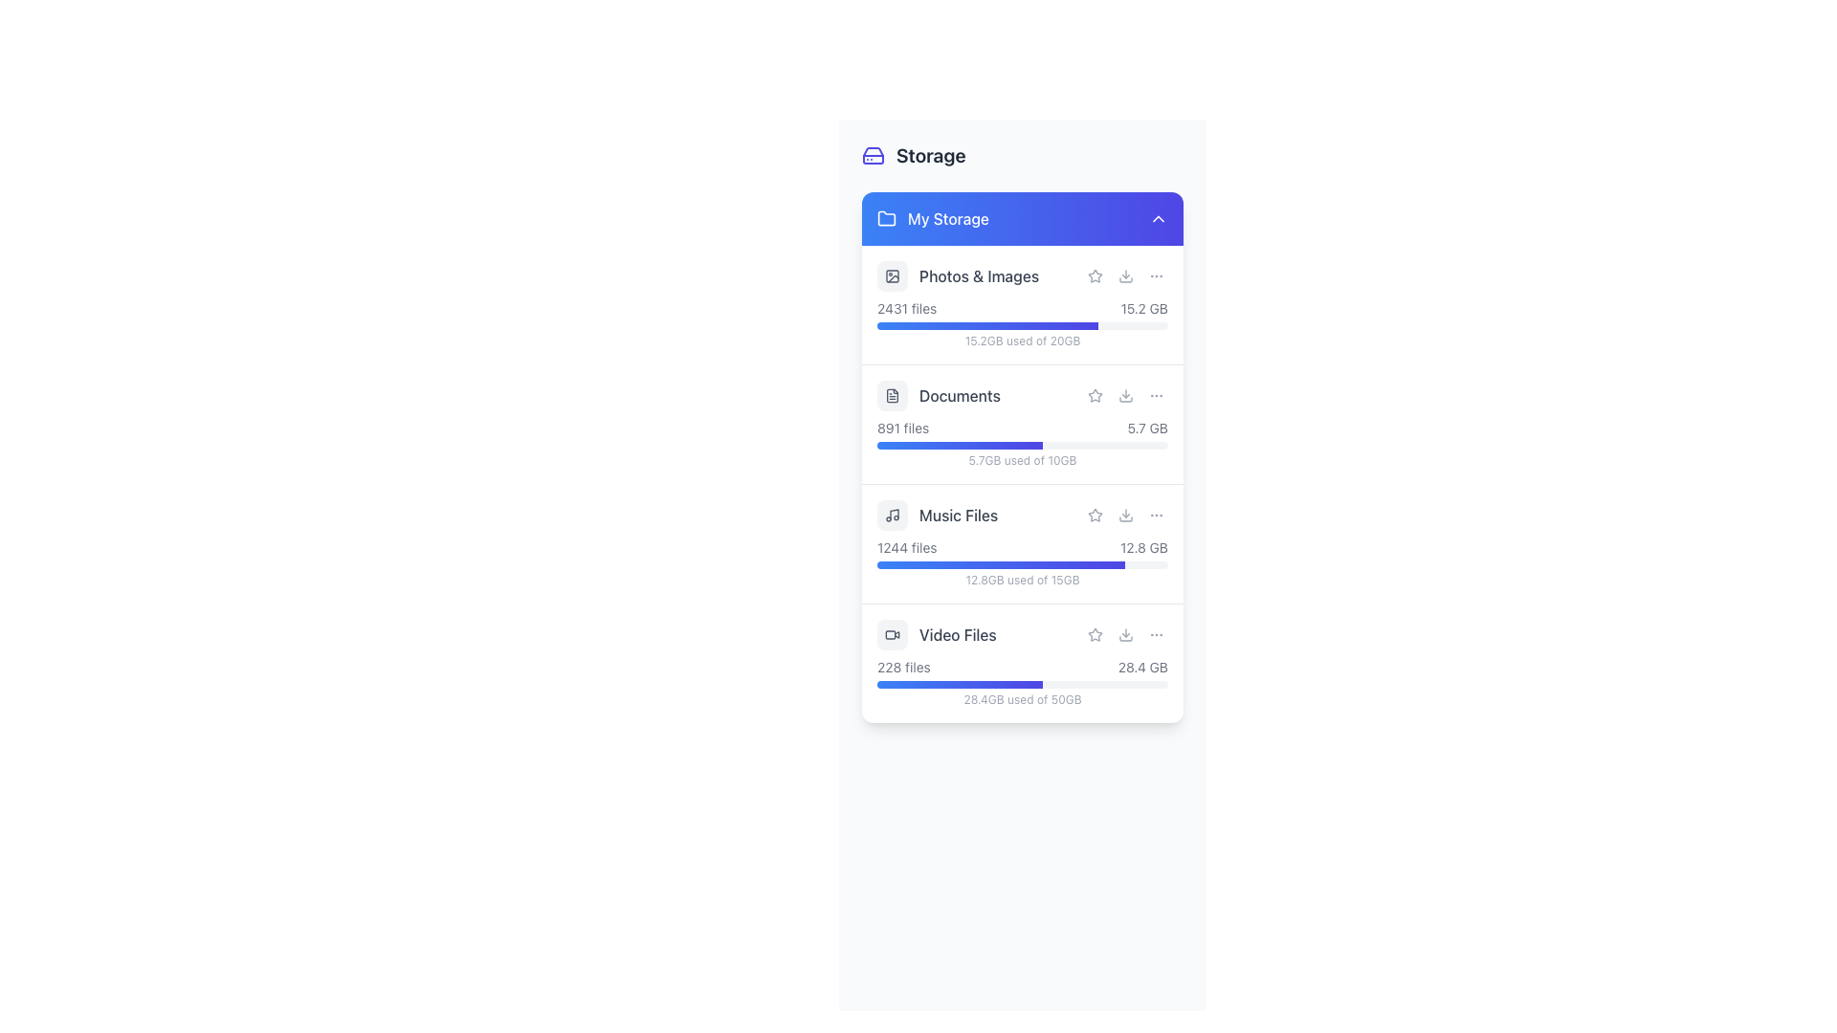  I want to click on the horizontal progress bar located in the 'Photos & Images' section of the 'My Storage' panel, which is positioned below the '2431 files 15.2 GB' text and above the '15.2GB used of 20GB' text, so click(1022, 324).